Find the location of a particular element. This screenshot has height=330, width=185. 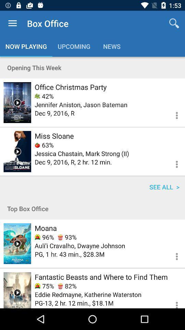

more option is located at coordinates (172, 255).